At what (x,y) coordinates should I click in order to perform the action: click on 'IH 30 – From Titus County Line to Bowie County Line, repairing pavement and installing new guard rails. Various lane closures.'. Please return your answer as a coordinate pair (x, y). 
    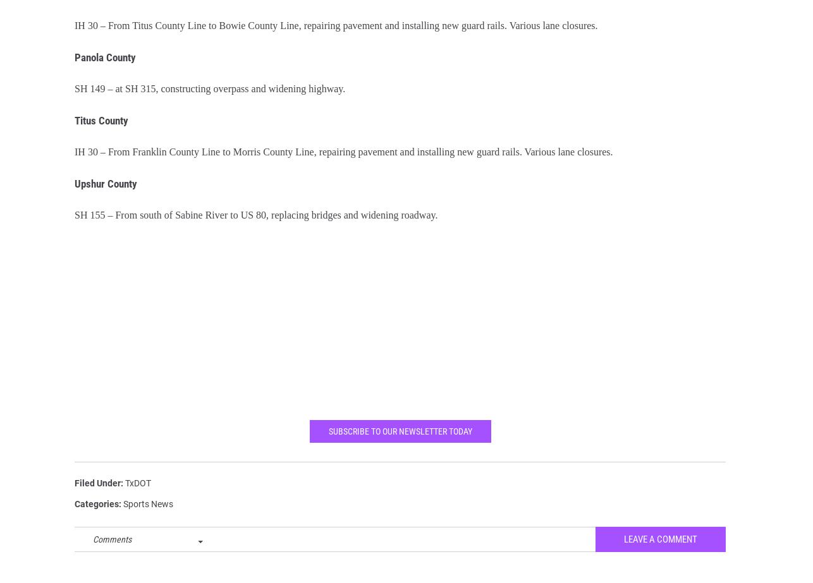
    Looking at the image, I should click on (75, 34).